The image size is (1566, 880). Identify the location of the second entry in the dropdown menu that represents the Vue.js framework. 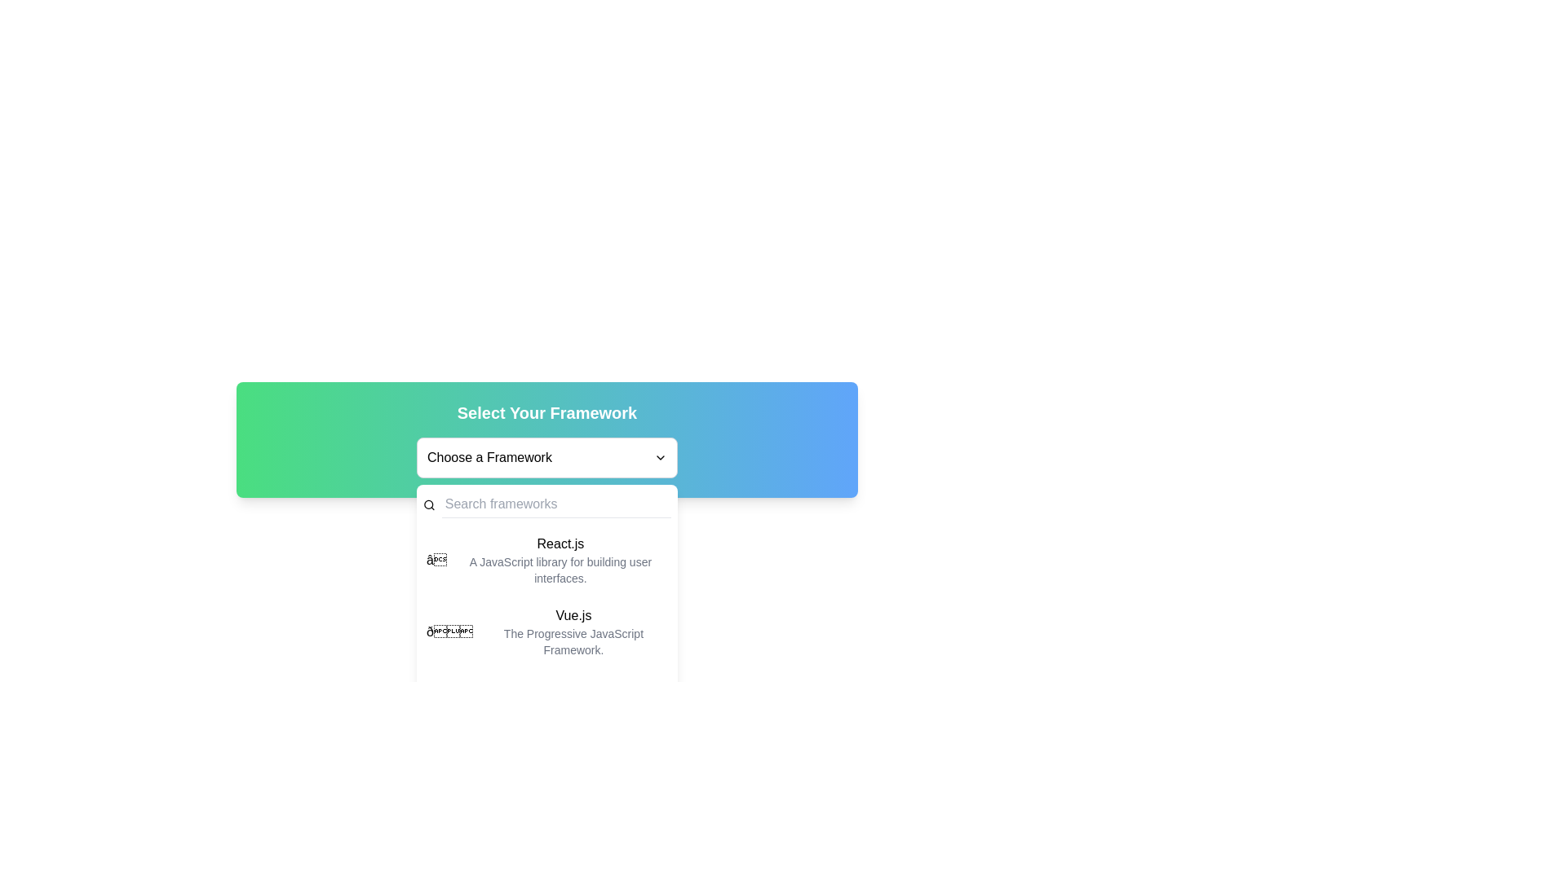
(547, 631).